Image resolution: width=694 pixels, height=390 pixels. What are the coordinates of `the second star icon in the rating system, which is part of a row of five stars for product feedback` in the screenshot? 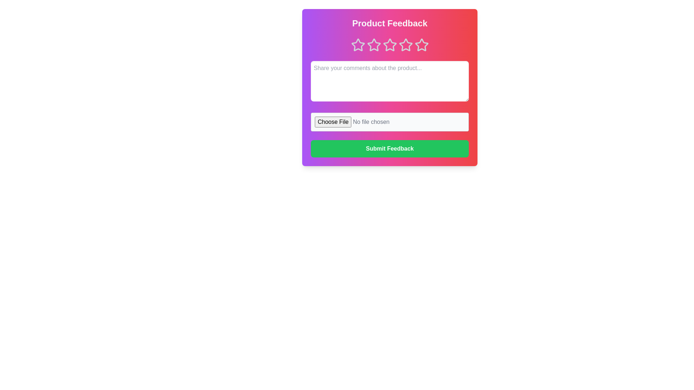 It's located at (374, 45).